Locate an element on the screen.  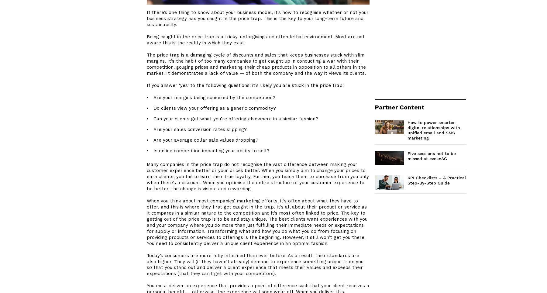
'Today’s consumers are more fully informed than ever before. As a result, their standards are also higher. They will (if they haven’t already) demand to experience something unique from you so that you stand out and deliver a client experience that meets their values and exceeds their expectations (that they can’t get with your competitors).' is located at coordinates (255, 265).